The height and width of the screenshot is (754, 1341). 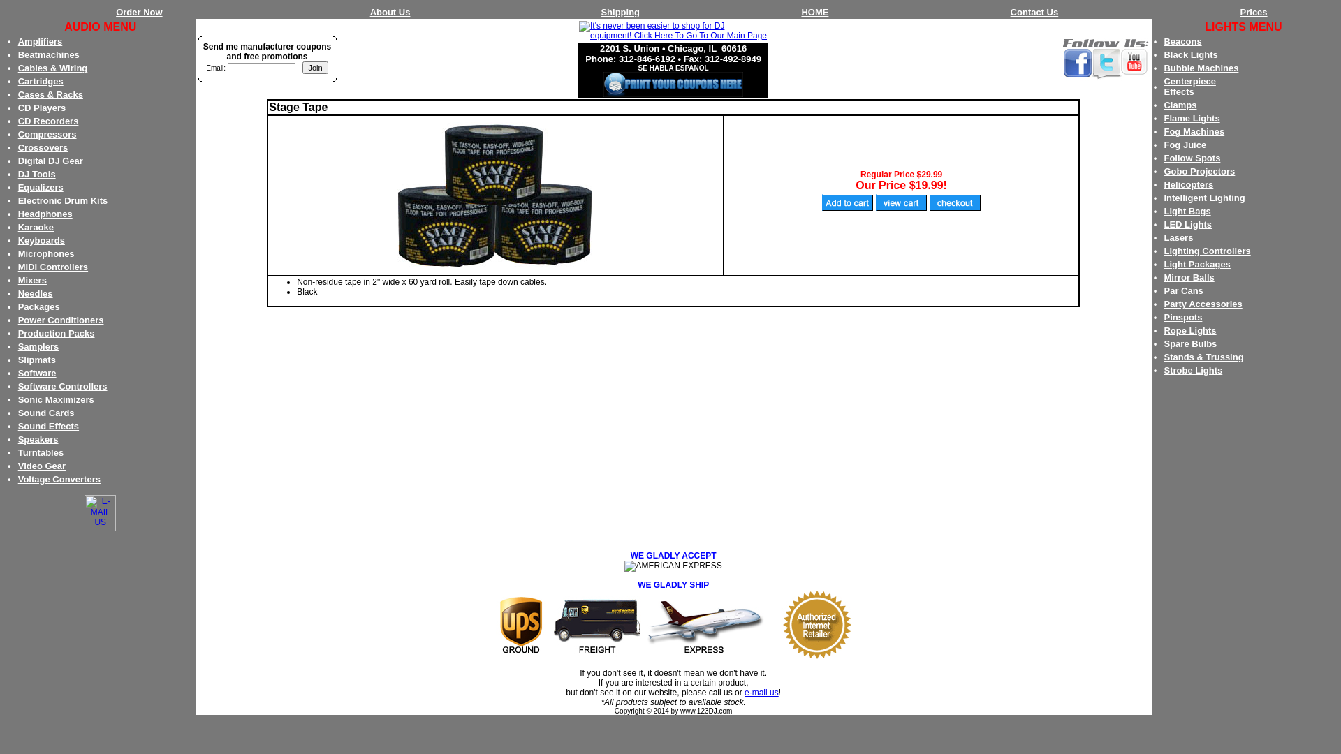 I want to click on 'Electronic Drum Kits', so click(x=62, y=200).